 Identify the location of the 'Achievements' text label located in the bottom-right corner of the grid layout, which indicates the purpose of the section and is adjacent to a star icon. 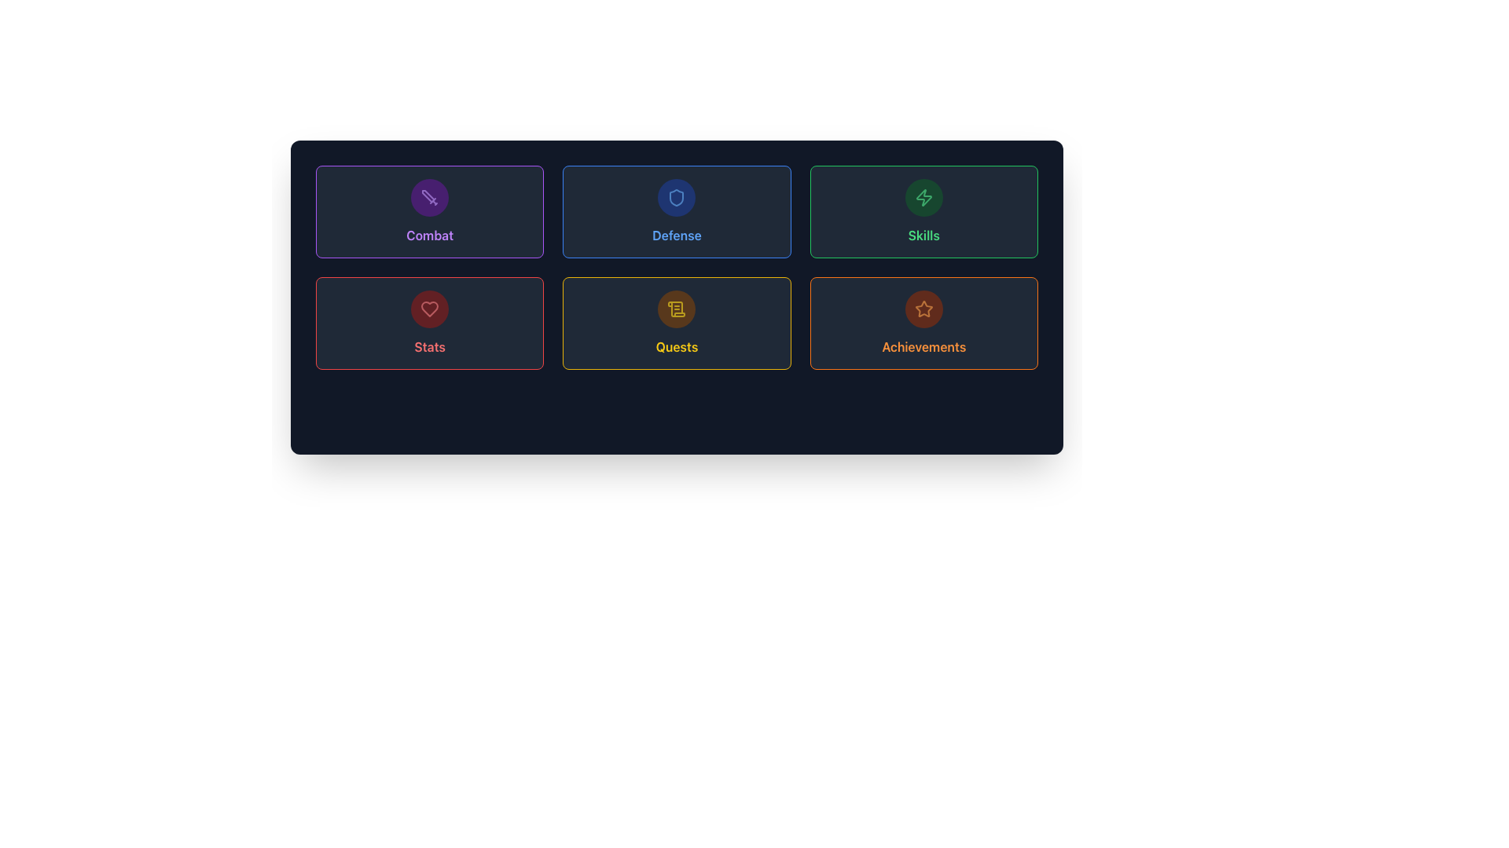
(923, 346).